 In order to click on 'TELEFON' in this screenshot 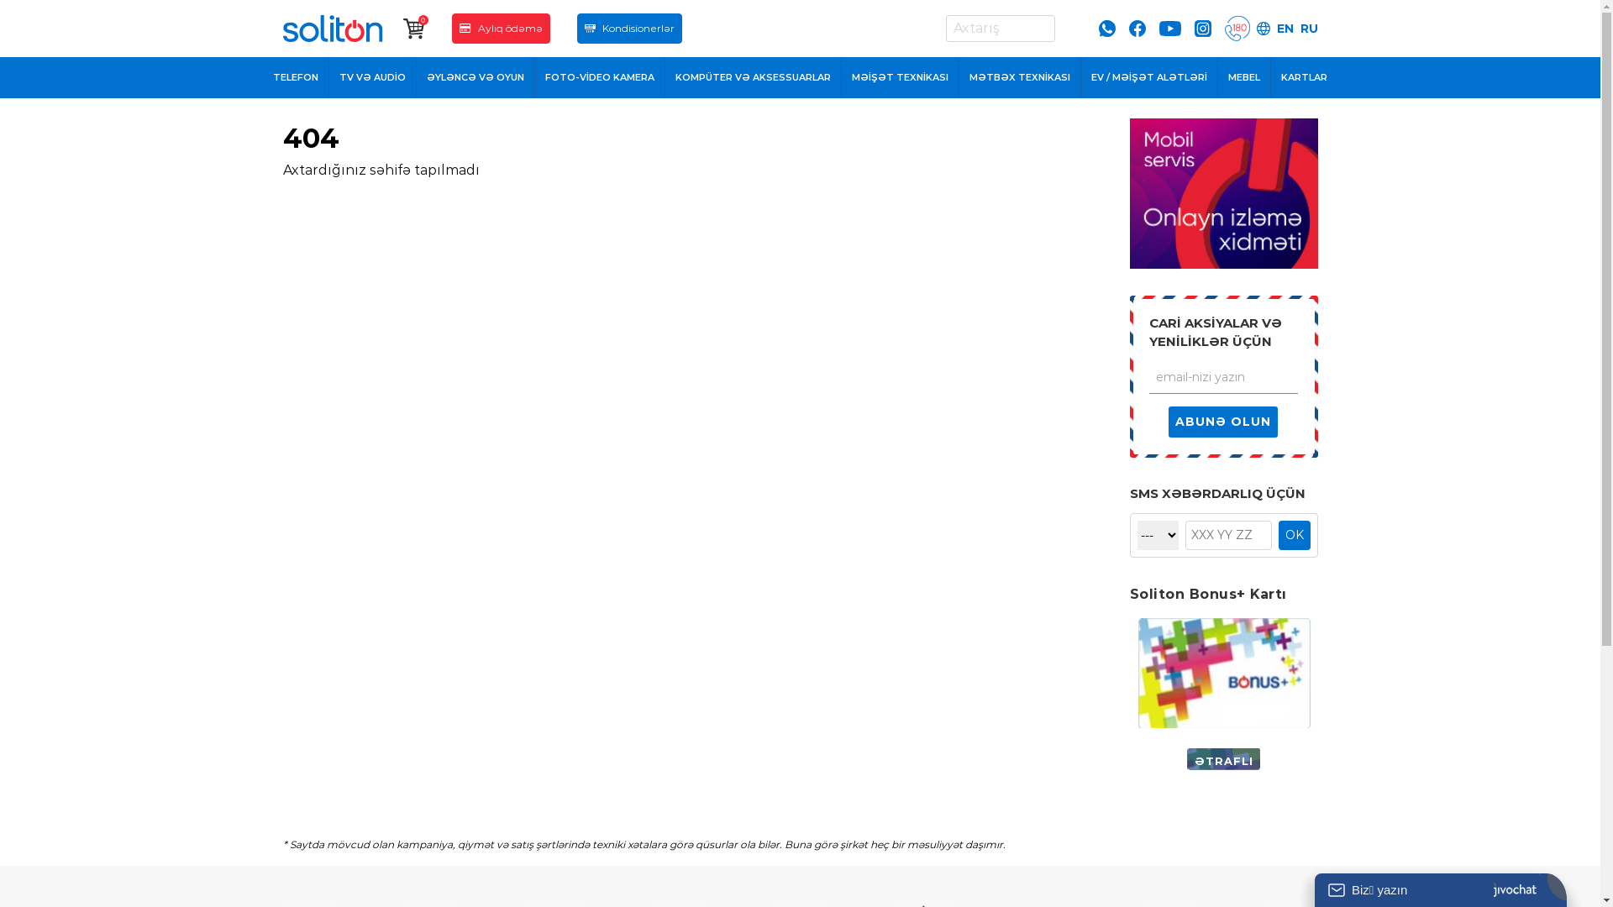, I will do `click(261, 77)`.